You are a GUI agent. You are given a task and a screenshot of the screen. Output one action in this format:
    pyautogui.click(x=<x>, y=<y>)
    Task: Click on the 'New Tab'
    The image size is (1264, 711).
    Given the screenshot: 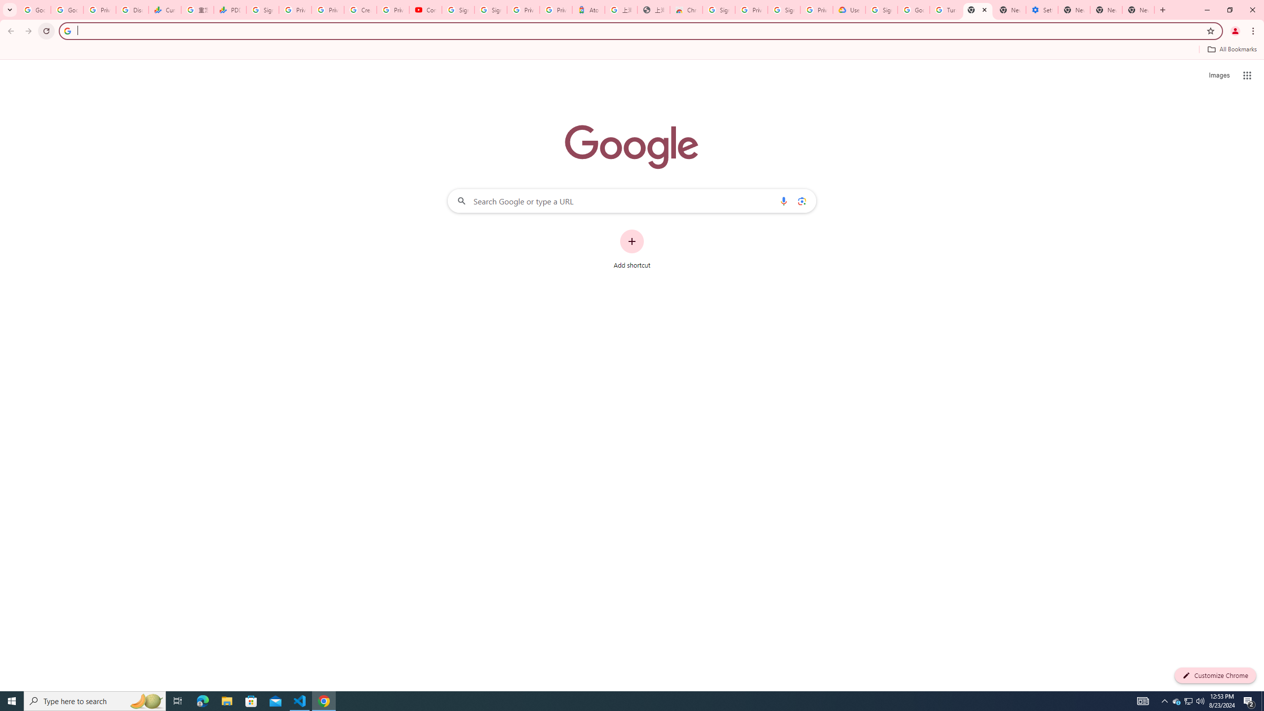 What is the action you would take?
    pyautogui.click(x=1138, y=9)
    